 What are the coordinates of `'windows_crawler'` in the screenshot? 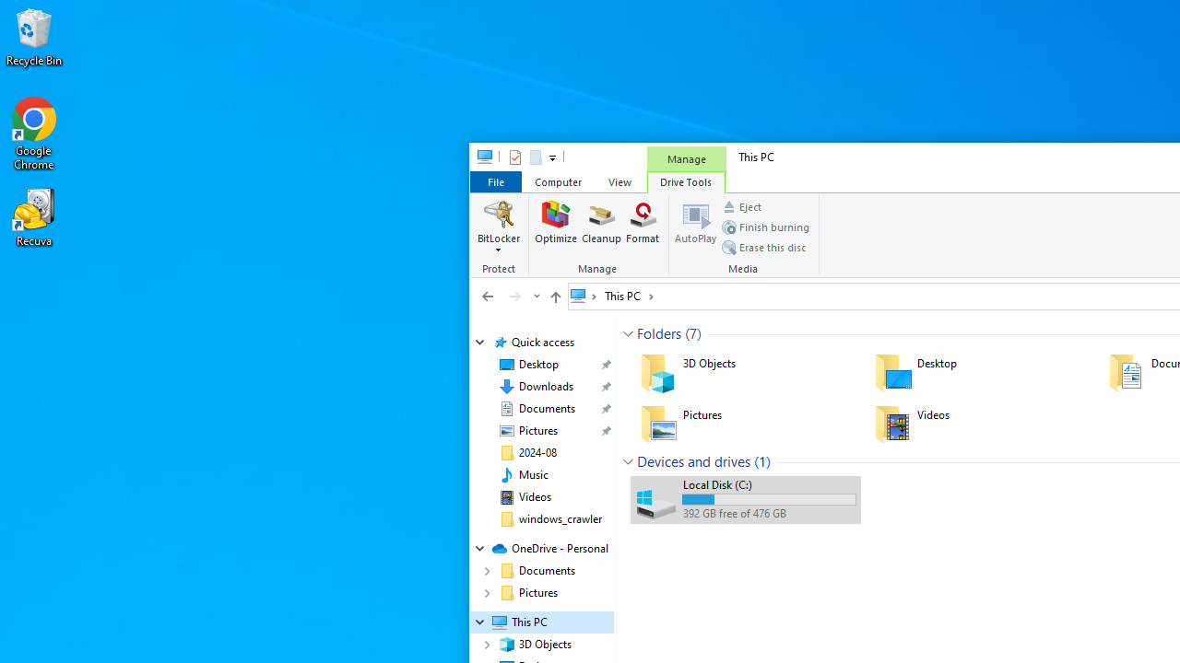 It's located at (560, 519).